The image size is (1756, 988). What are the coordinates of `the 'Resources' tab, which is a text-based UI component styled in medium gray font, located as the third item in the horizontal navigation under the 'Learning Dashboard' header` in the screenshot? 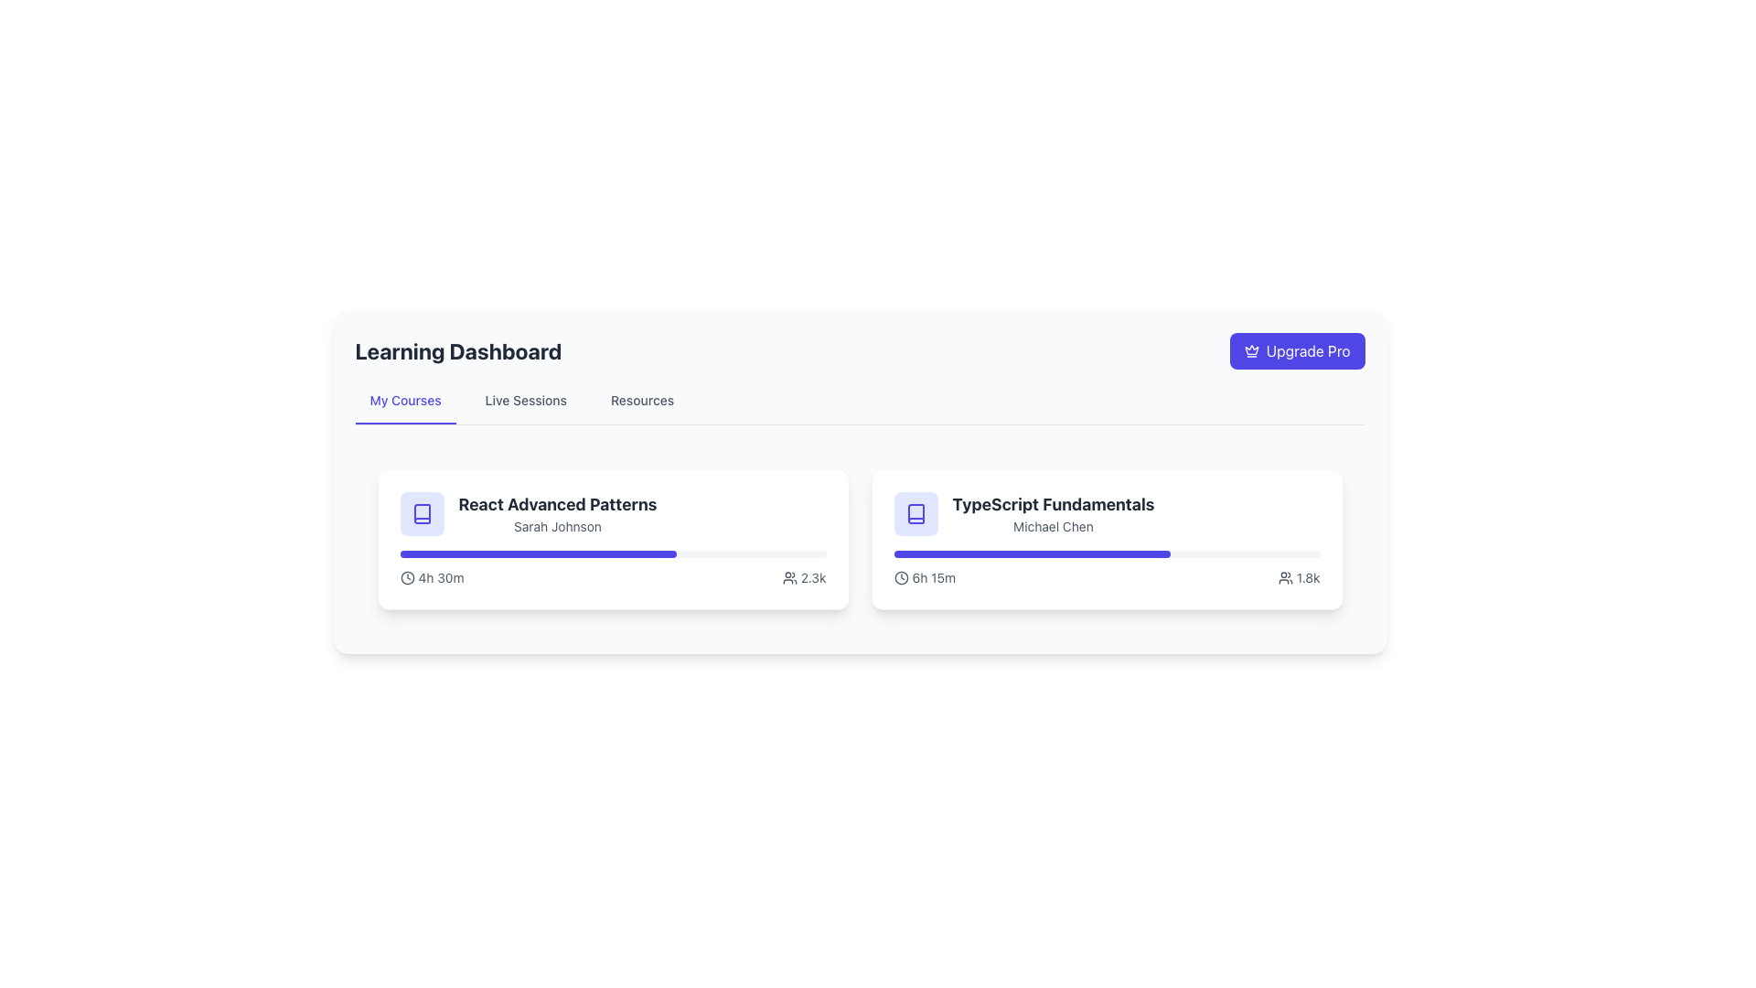 It's located at (642, 407).